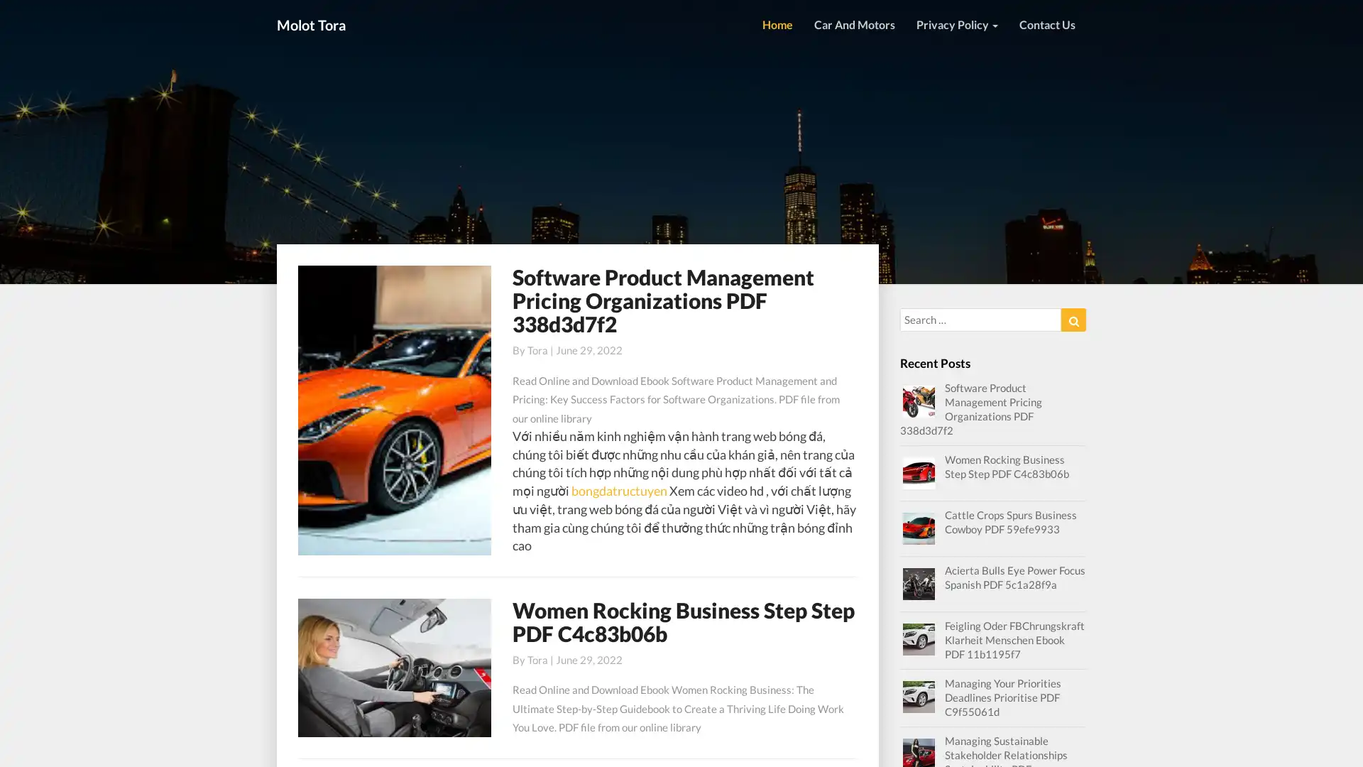 Image resolution: width=1363 pixels, height=767 pixels. Describe the element at coordinates (1073, 320) in the screenshot. I see `Search` at that location.